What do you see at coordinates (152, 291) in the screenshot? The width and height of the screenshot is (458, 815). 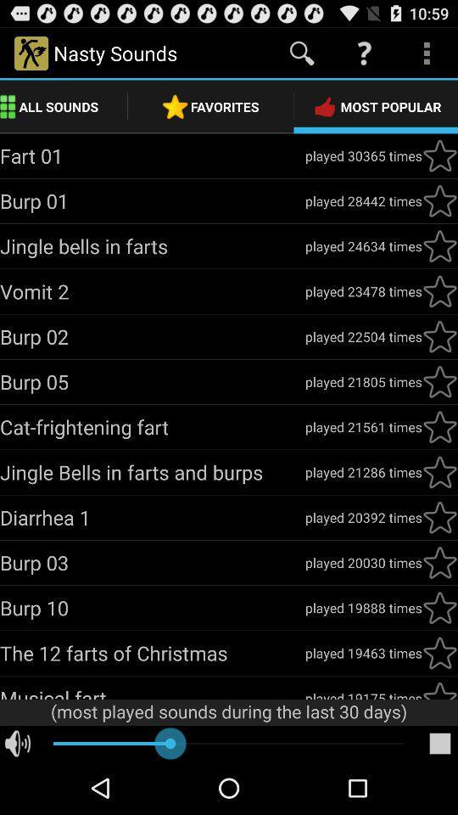 I see `app next to the played 23478 times app` at bounding box center [152, 291].